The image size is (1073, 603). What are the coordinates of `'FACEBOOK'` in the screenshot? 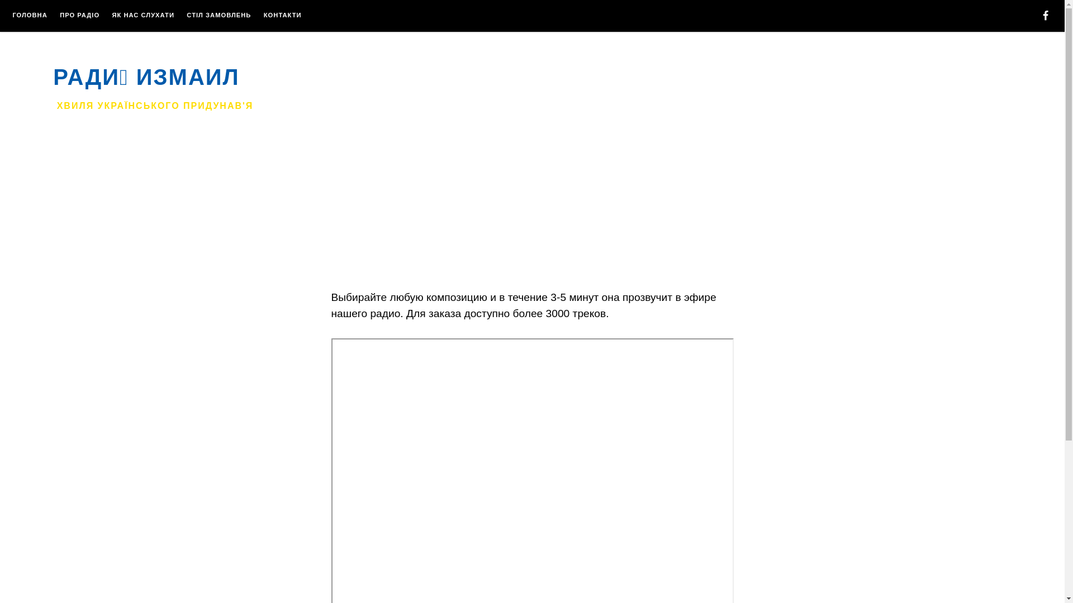 It's located at (1039, 17).